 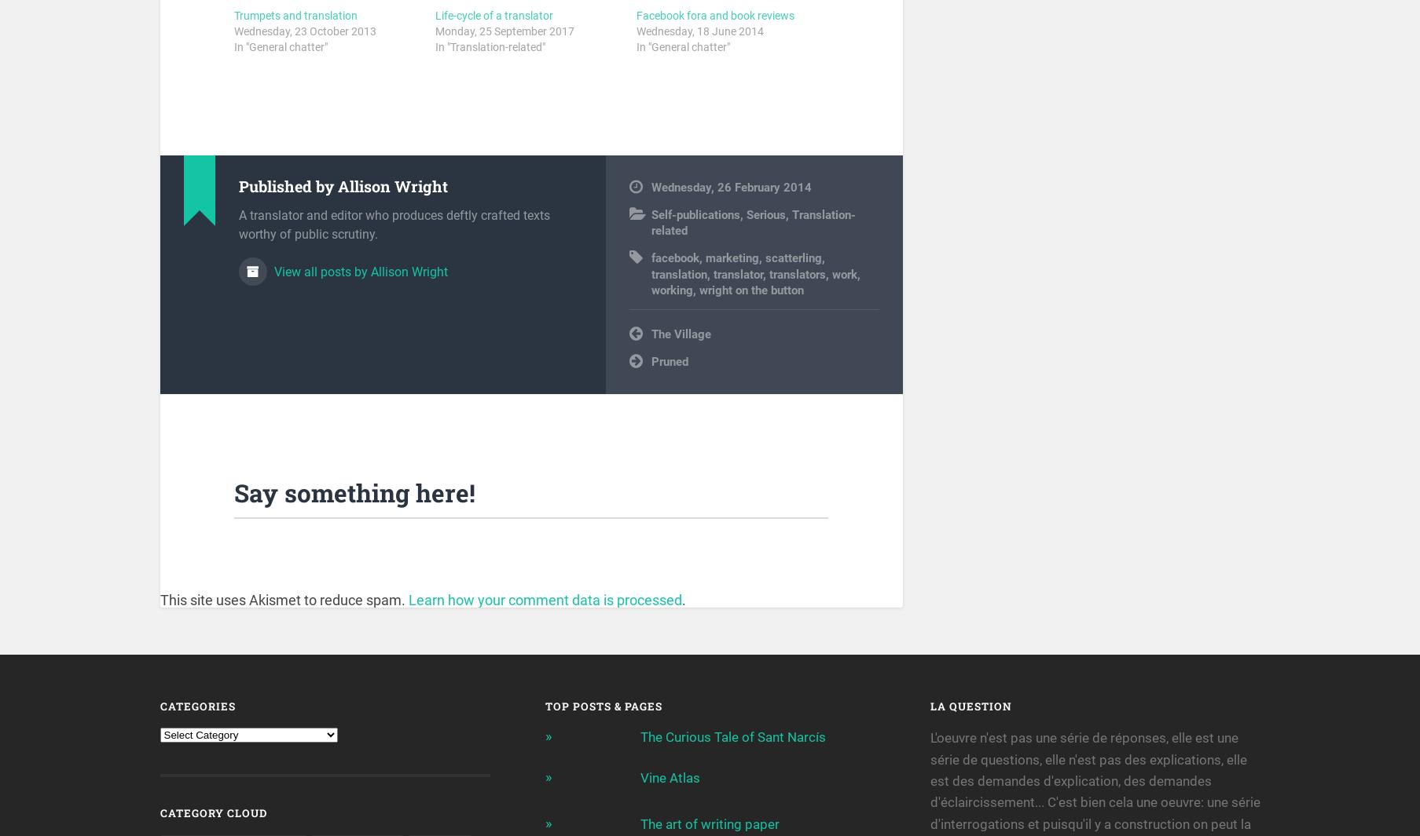 What do you see at coordinates (678, 277) in the screenshot?
I see `'translation'` at bounding box center [678, 277].